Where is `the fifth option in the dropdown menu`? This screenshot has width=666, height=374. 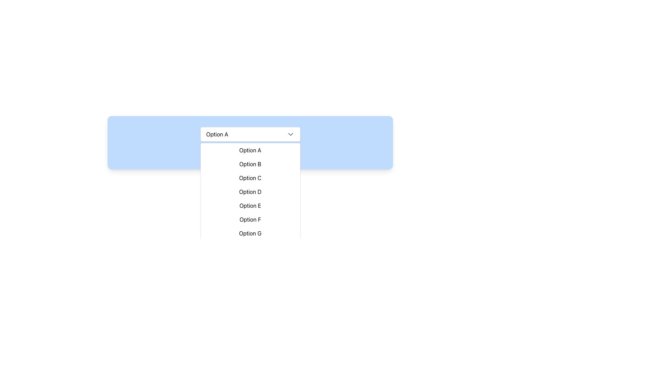 the fifth option in the dropdown menu is located at coordinates (250, 205).